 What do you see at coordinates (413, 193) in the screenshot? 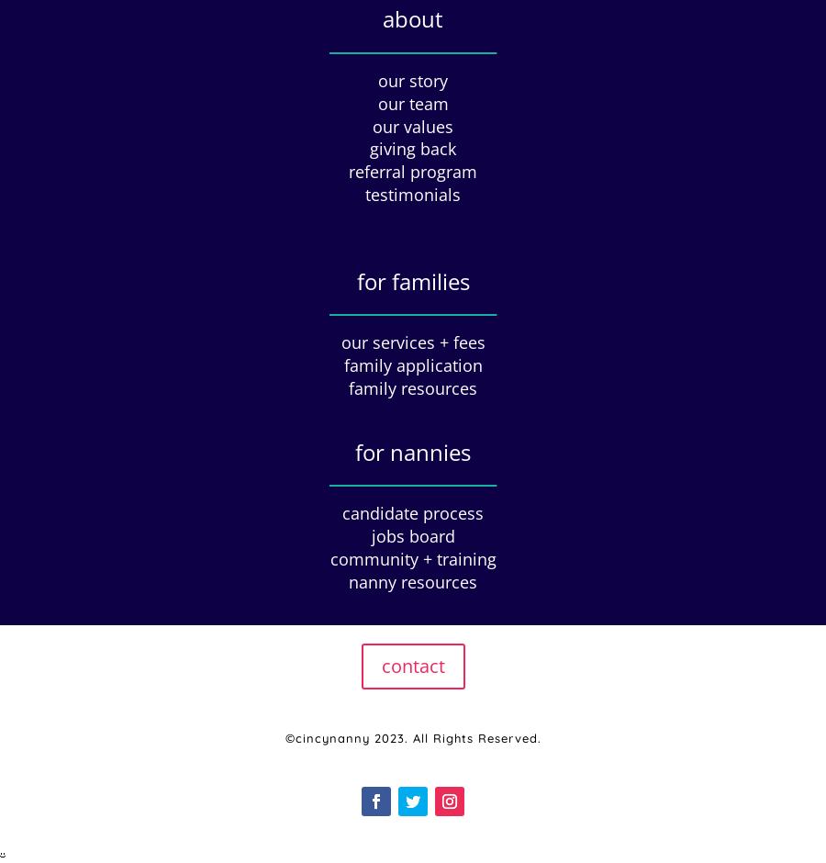
I see `'testimonials'` at bounding box center [413, 193].